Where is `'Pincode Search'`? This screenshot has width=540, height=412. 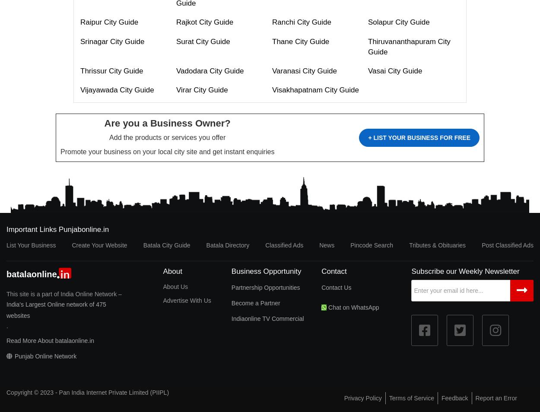 'Pincode Search' is located at coordinates (371, 244).